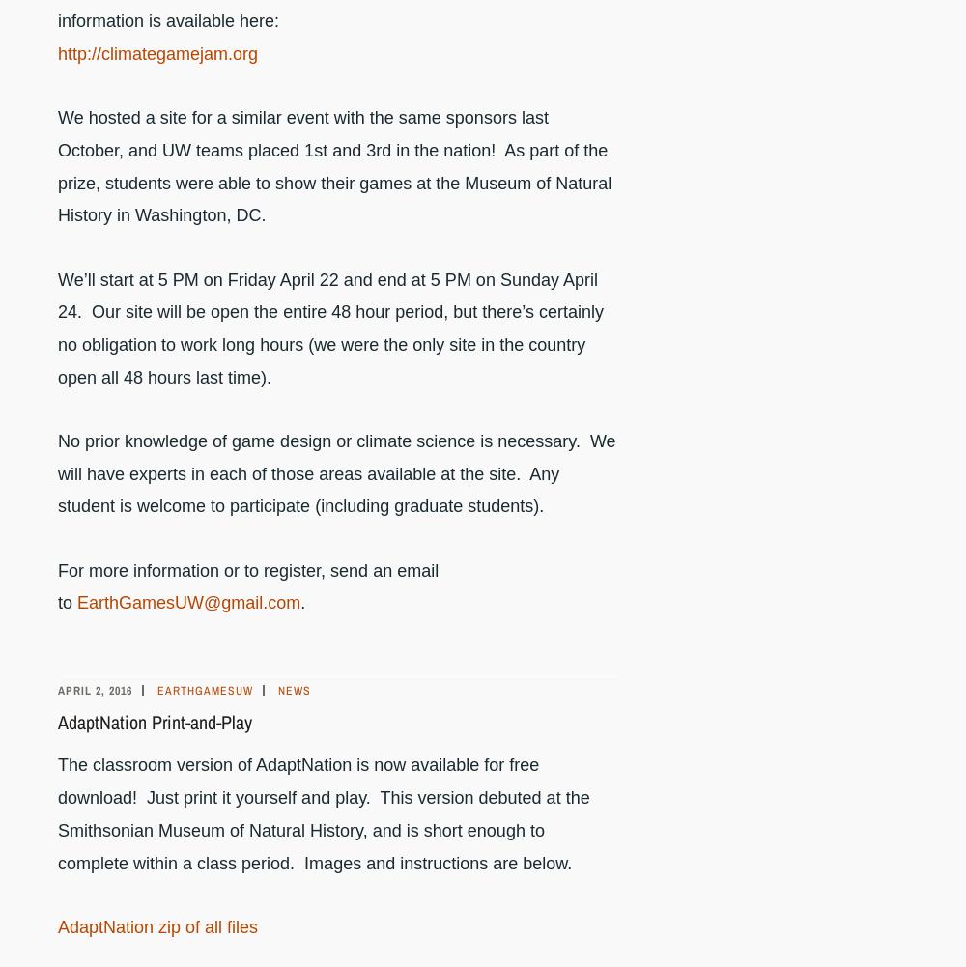  Describe the element at coordinates (301, 603) in the screenshot. I see `'.'` at that location.